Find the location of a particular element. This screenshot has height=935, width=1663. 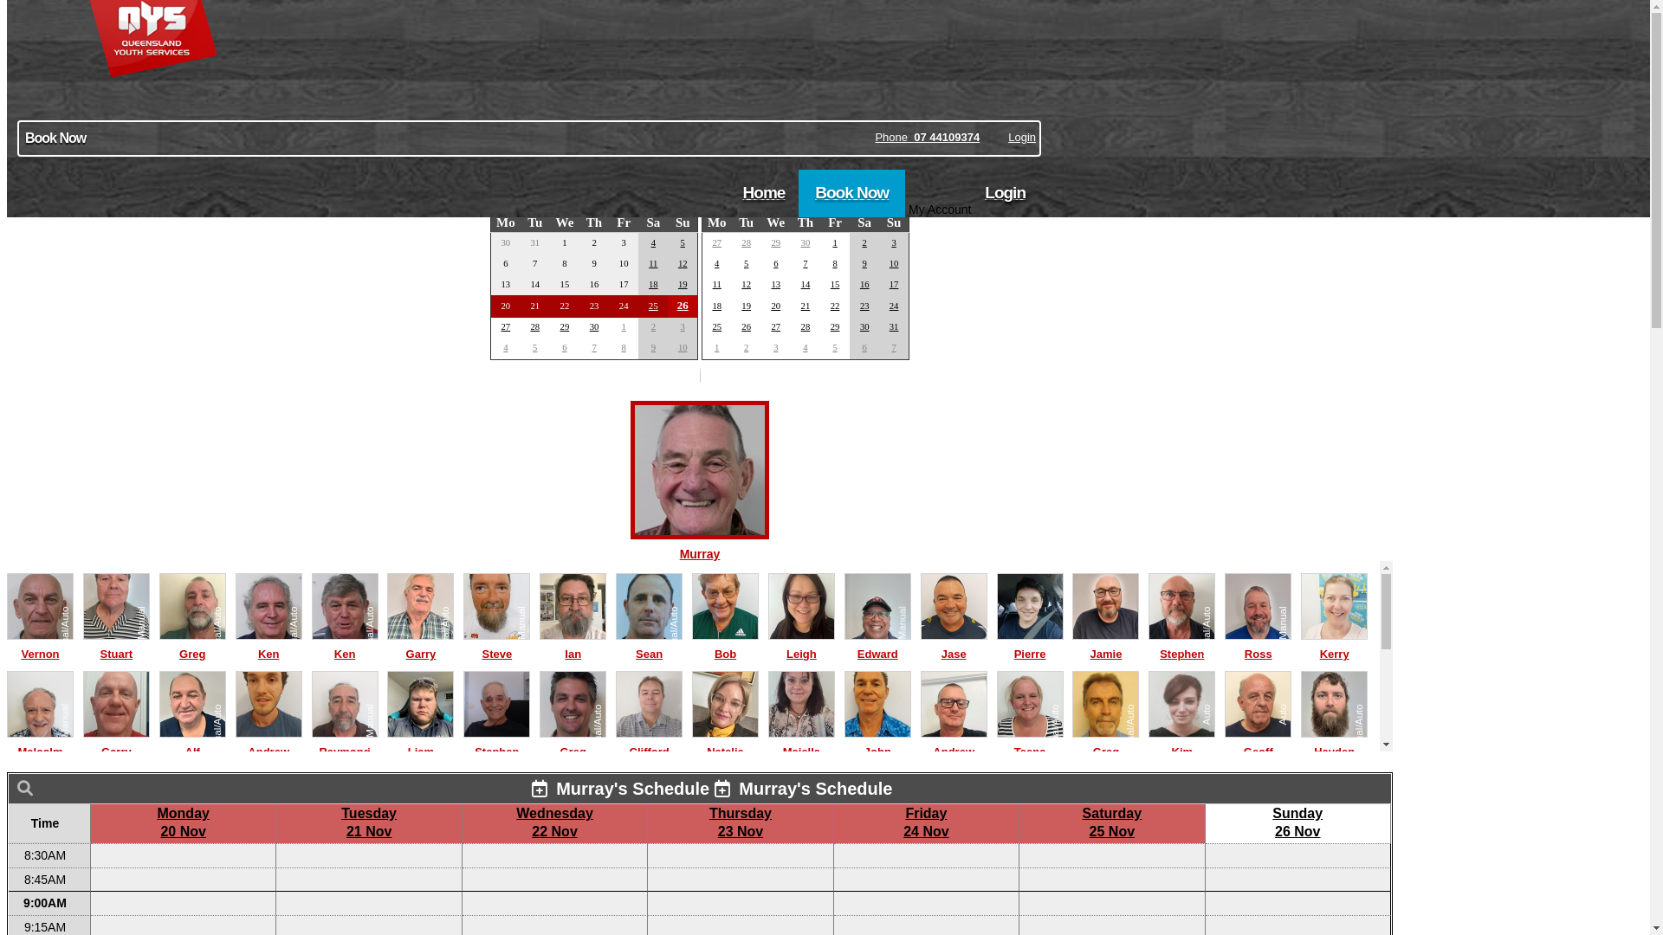

'19' is located at coordinates (682, 283).